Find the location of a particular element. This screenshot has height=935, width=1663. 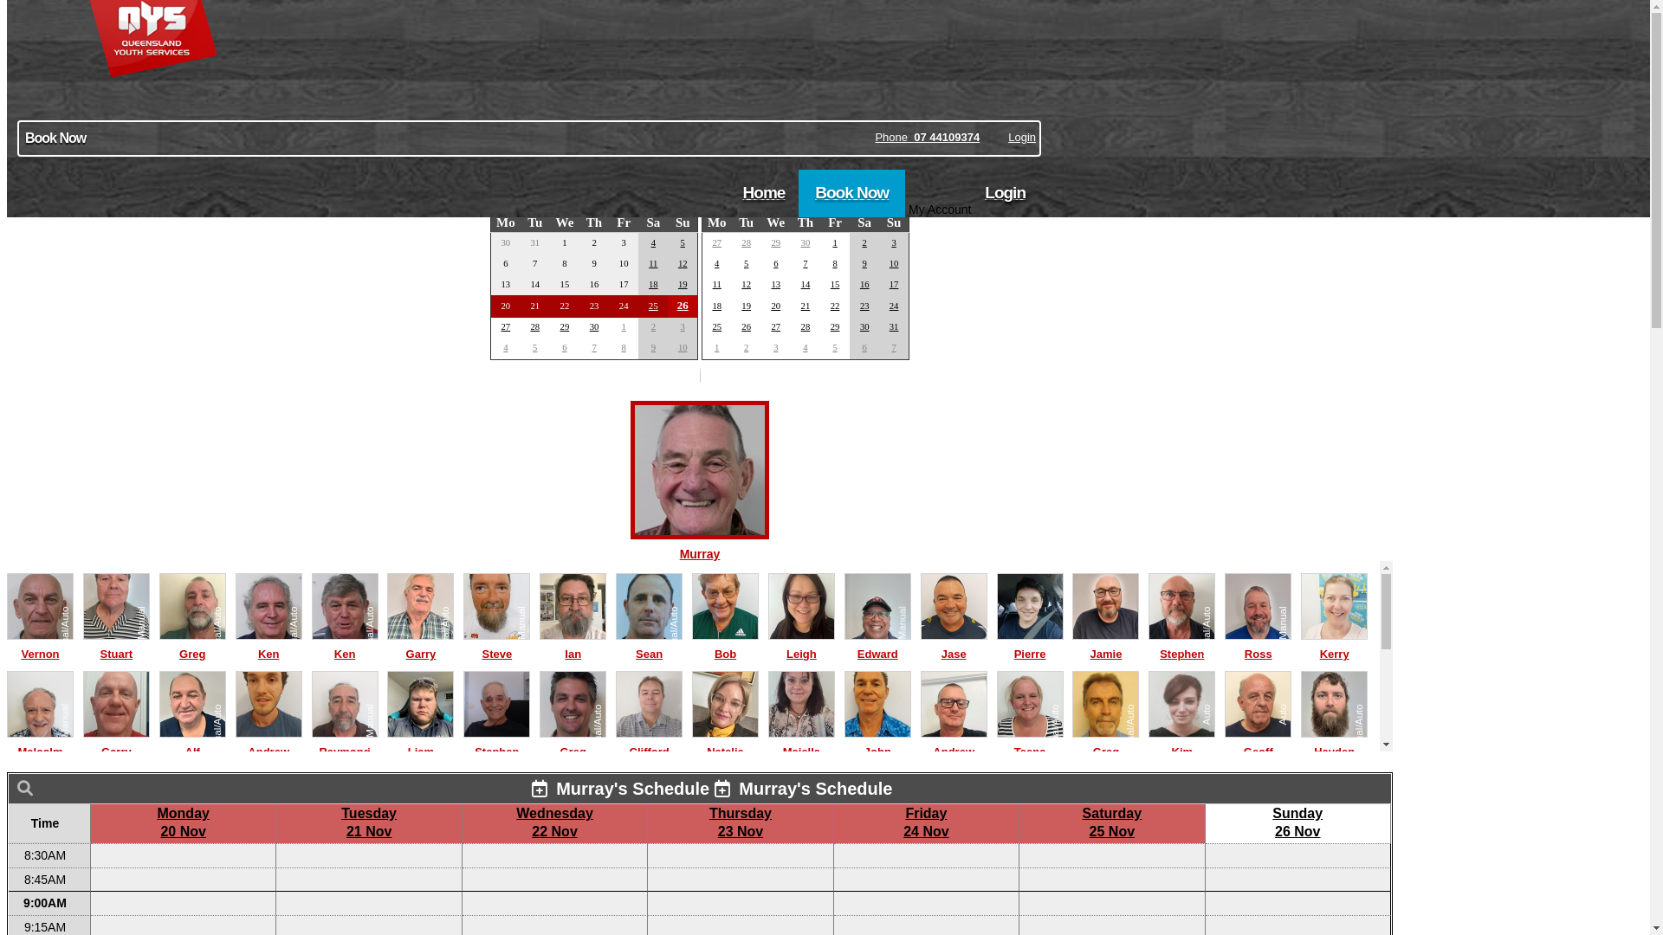

'19' is located at coordinates (682, 283).